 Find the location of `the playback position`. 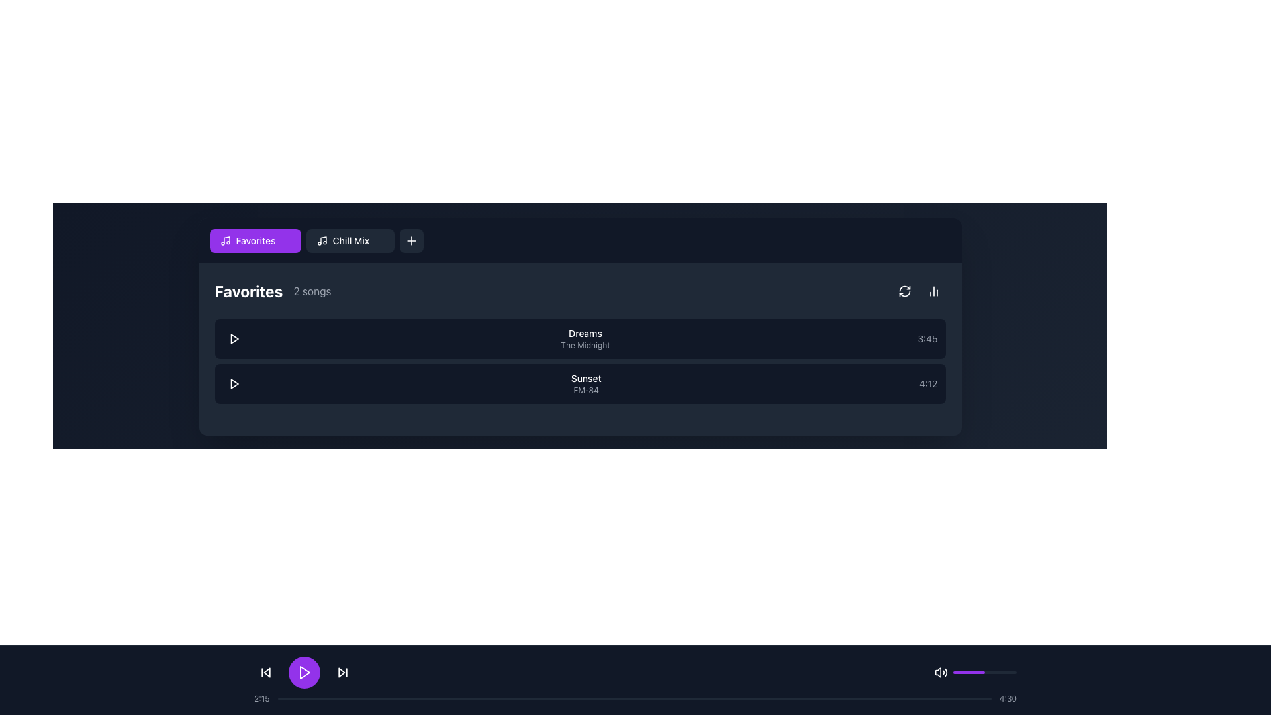

the playback position is located at coordinates (854, 698).